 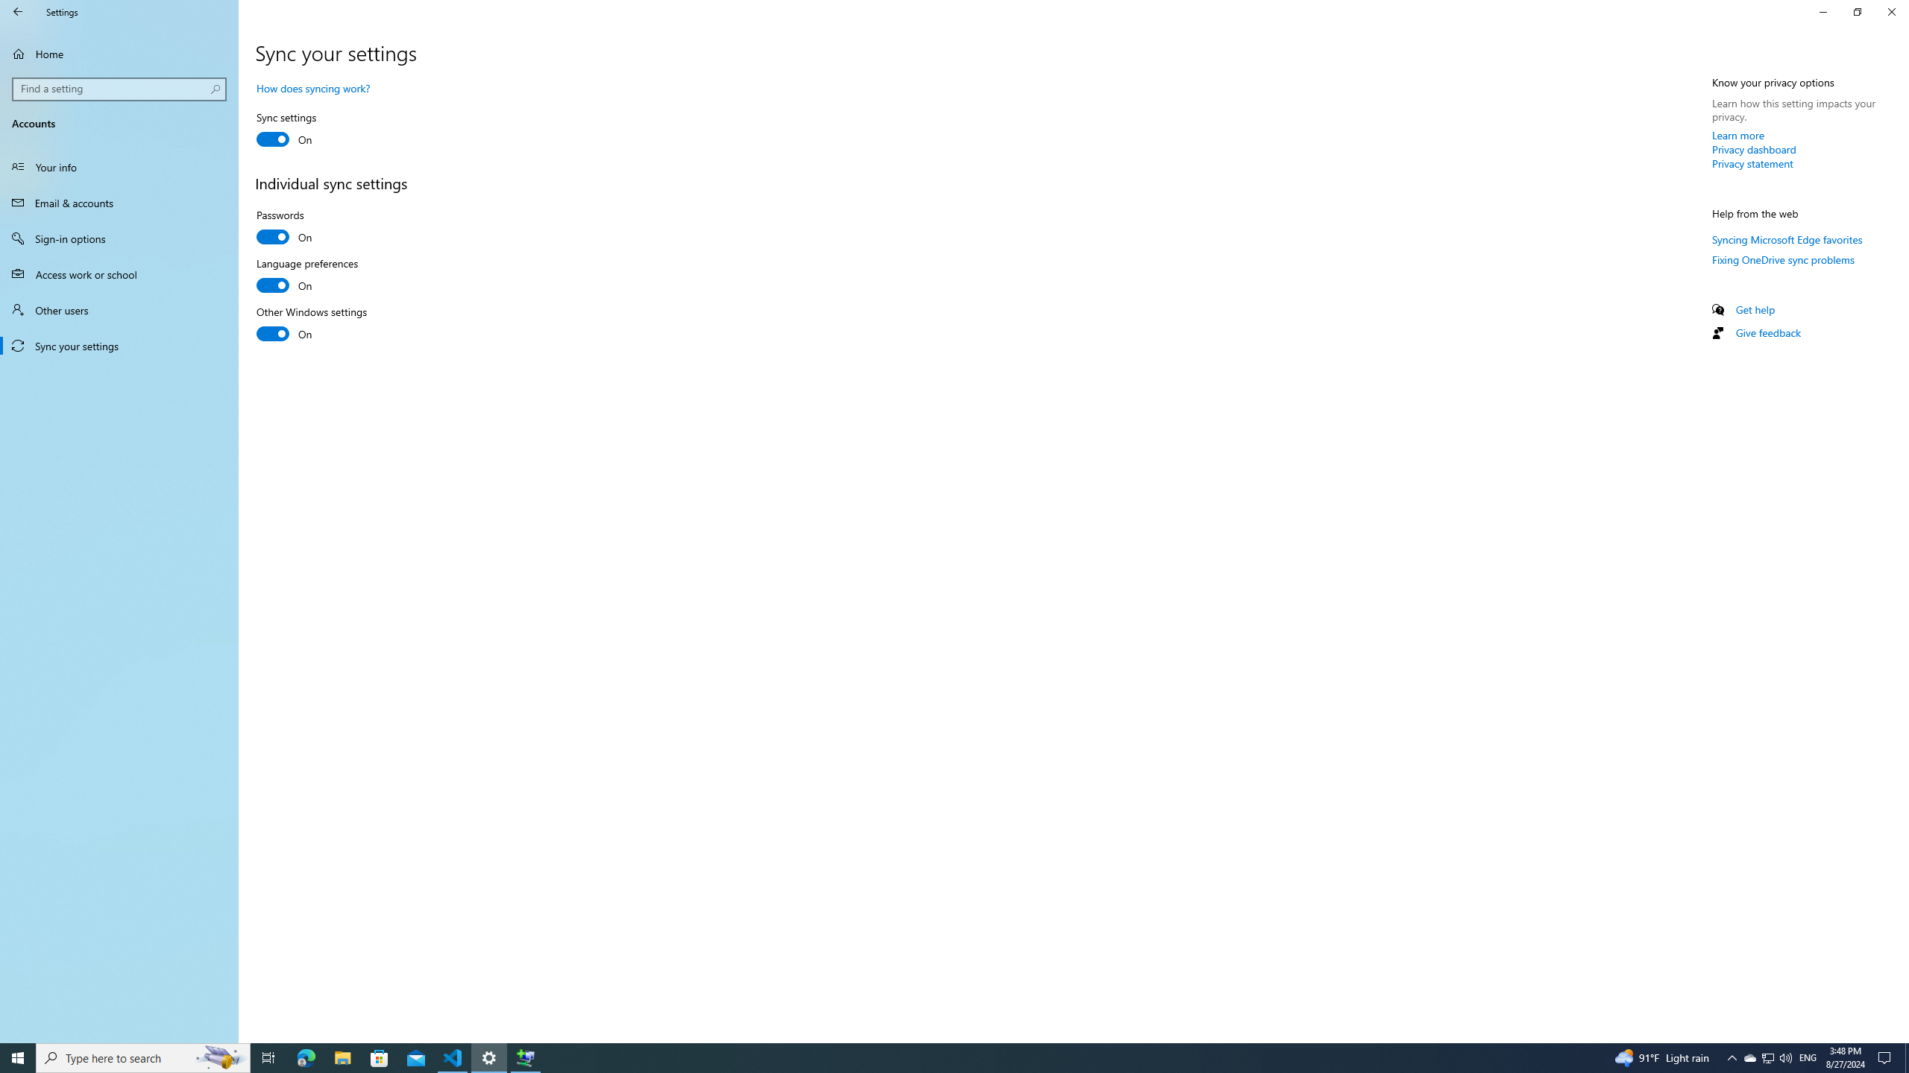 I want to click on 'Microsoft Store', so click(x=380, y=1057).